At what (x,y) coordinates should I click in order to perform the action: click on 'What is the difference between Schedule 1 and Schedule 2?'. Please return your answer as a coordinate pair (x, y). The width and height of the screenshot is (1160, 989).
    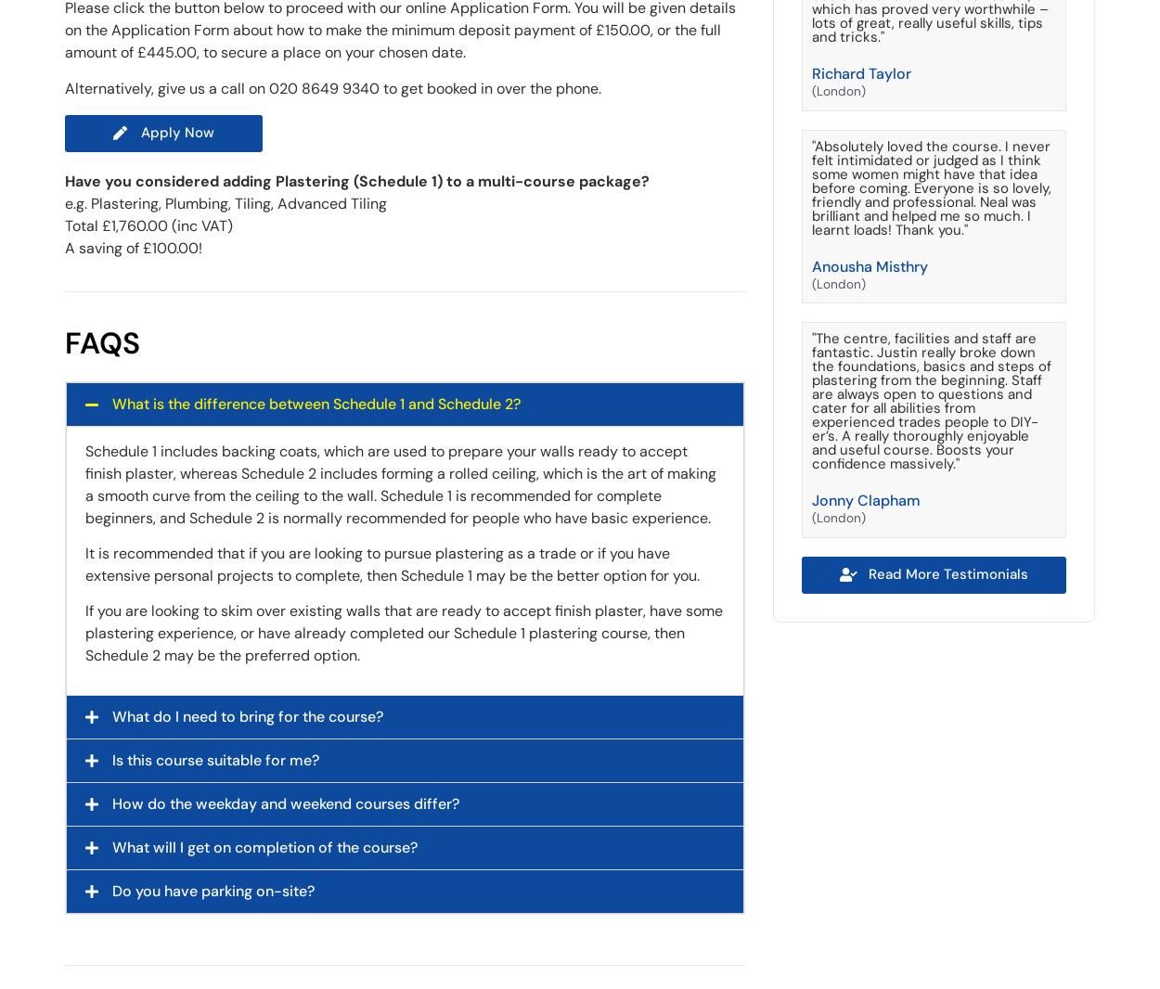
    Looking at the image, I should click on (316, 403).